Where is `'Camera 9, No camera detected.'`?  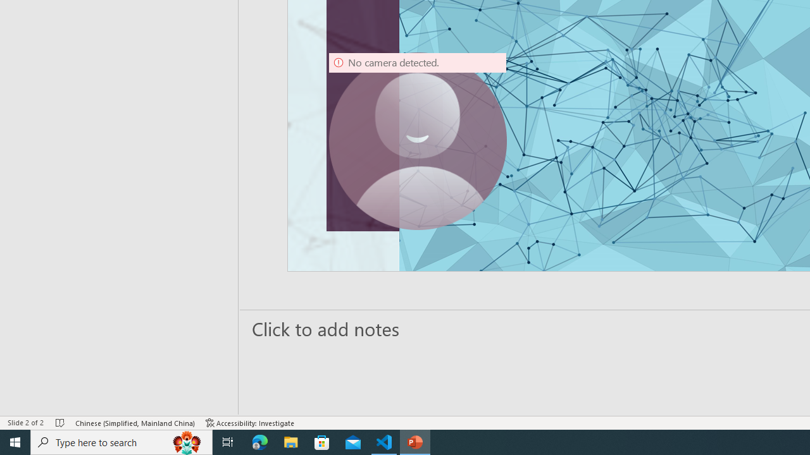 'Camera 9, No camera detected.' is located at coordinates (418, 141).